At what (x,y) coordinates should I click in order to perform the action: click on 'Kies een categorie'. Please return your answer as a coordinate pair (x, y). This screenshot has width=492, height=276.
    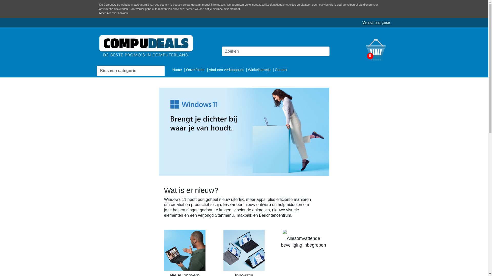
    Looking at the image, I should click on (131, 71).